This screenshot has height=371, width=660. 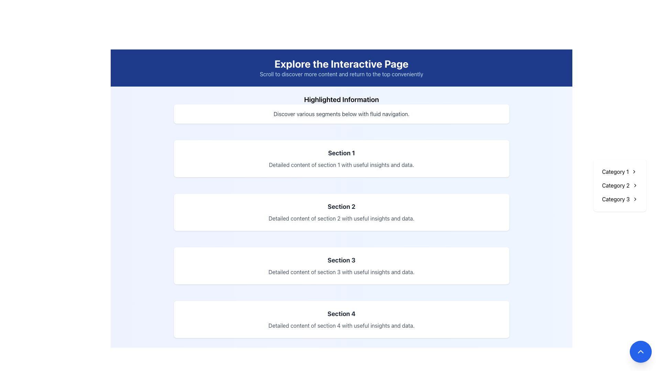 What do you see at coordinates (341, 99) in the screenshot?
I see `text of the bold black header labeled 'Highlighted Information', which is centrally aligned and prominently positioned at the top of the content section` at bounding box center [341, 99].